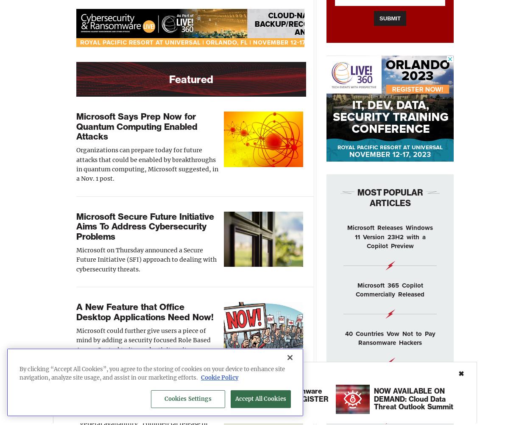 This screenshot has height=425, width=530. I want to click on '20 Easy Steps To Creating an AI Chatbot in 30 Minutes', so click(138, 398).